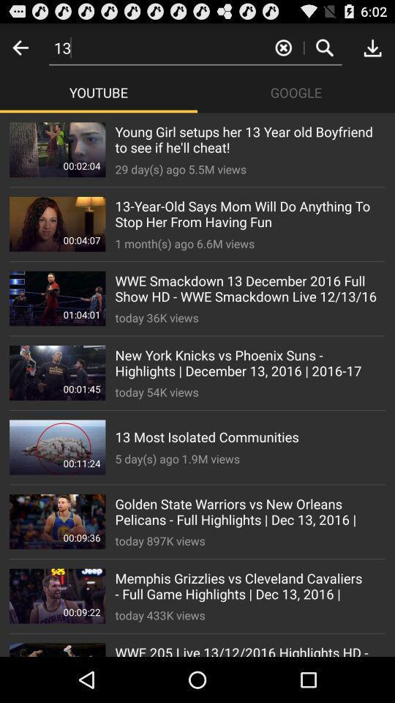  I want to click on download option, so click(372, 48).